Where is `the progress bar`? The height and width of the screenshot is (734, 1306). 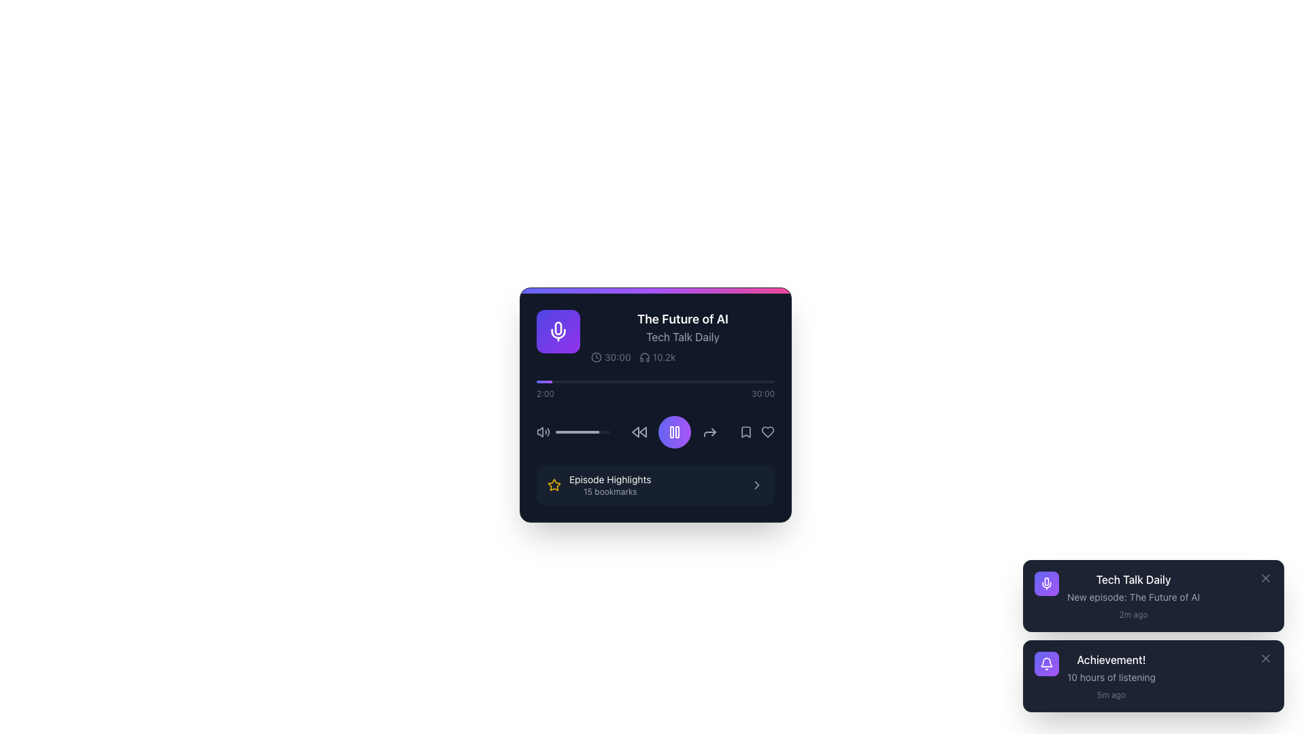 the progress bar is located at coordinates (584, 432).